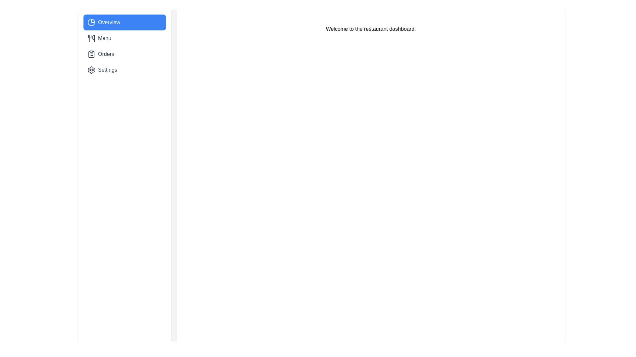 This screenshot has height=357, width=636. What do you see at coordinates (91, 22) in the screenshot?
I see `the 'Overview' icon` at bounding box center [91, 22].